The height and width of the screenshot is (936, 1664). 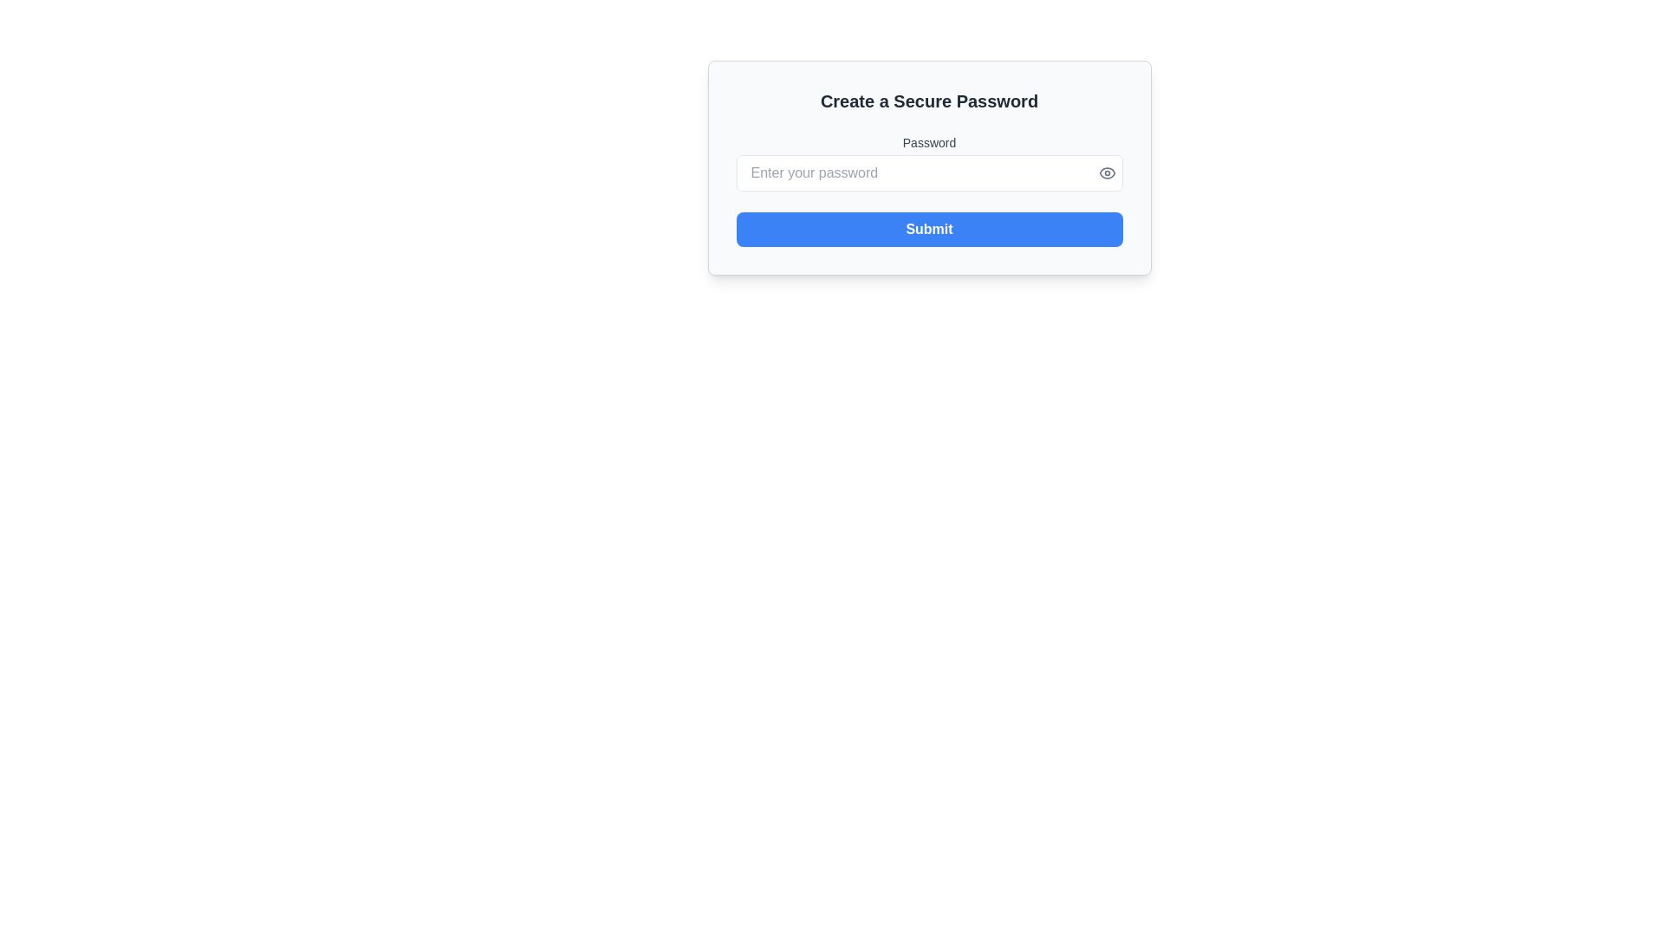 What do you see at coordinates (1106, 173) in the screenshot?
I see `the visibility toggle button with an eye icon located to the right of the password input field` at bounding box center [1106, 173].